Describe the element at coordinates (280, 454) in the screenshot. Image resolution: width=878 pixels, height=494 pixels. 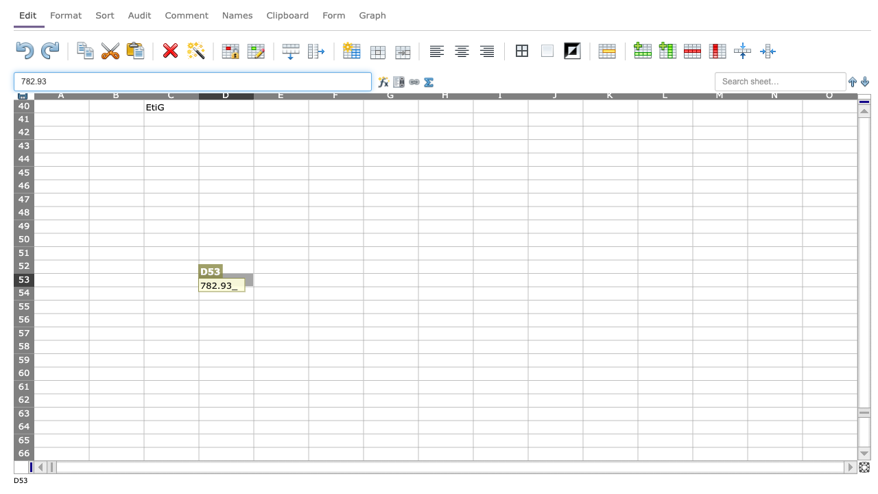
I see `Cell E-66` at that location.